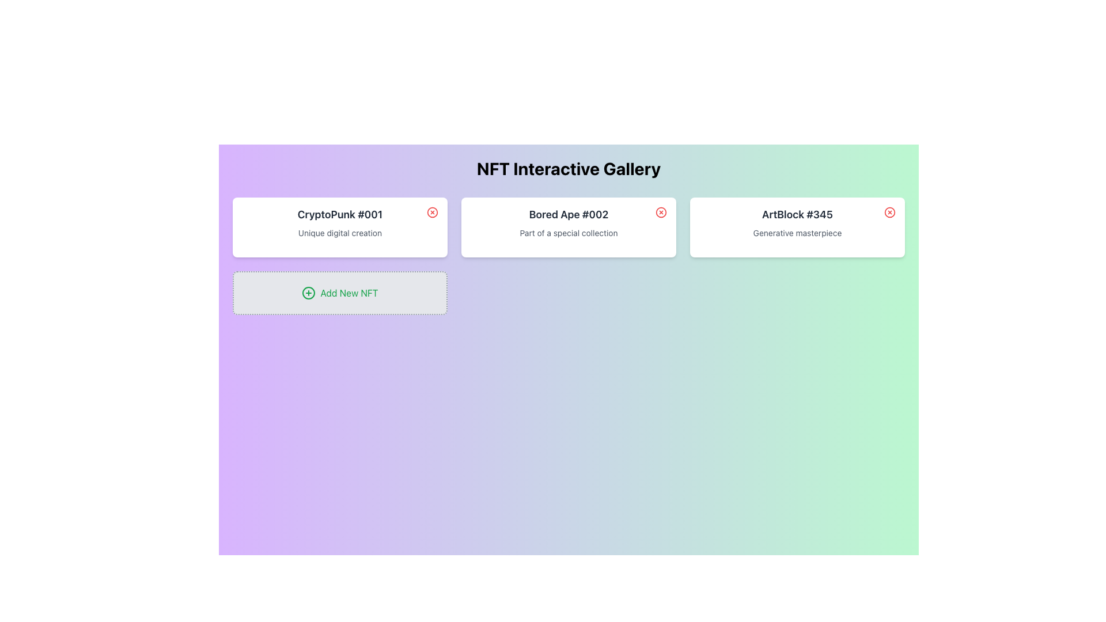 Image resolution: width=1106 pixels, height=622 pixels. Describe the element at coordinates (889, 213) in the screenshot. I see `the red circular button with a white cross inside it, located in the top-right corner of the card labeled 'ArtBlock #345'` at that location.